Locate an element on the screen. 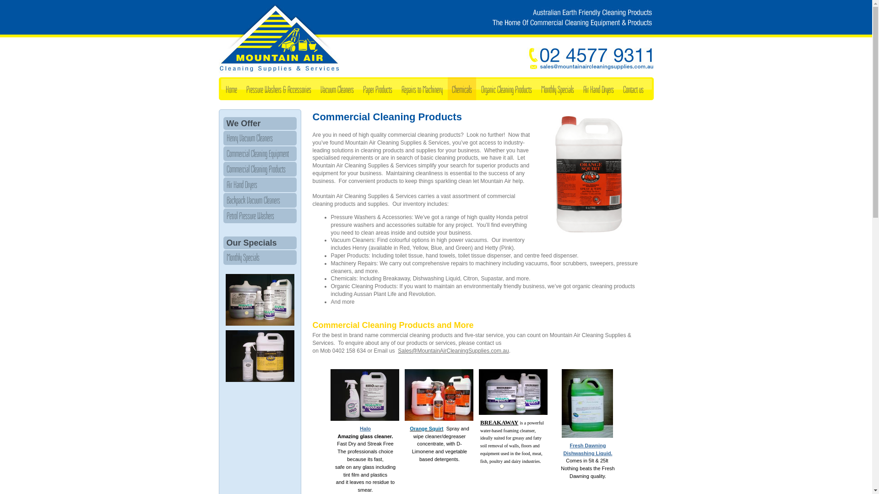  'Contact us' is located at coordinates (633, 88).